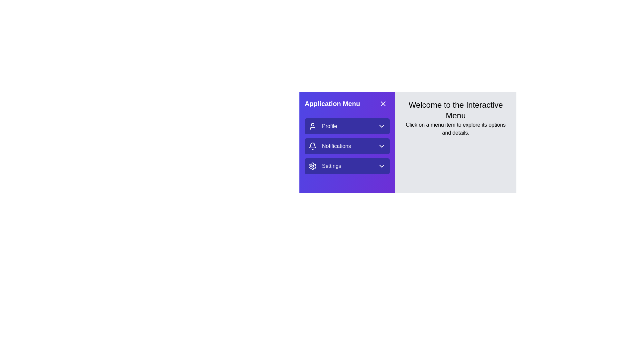  I want to click on the SVG Icon (Chevron Down) that is positioned to the right of the 'Profile' menu item, so click(381, 126).